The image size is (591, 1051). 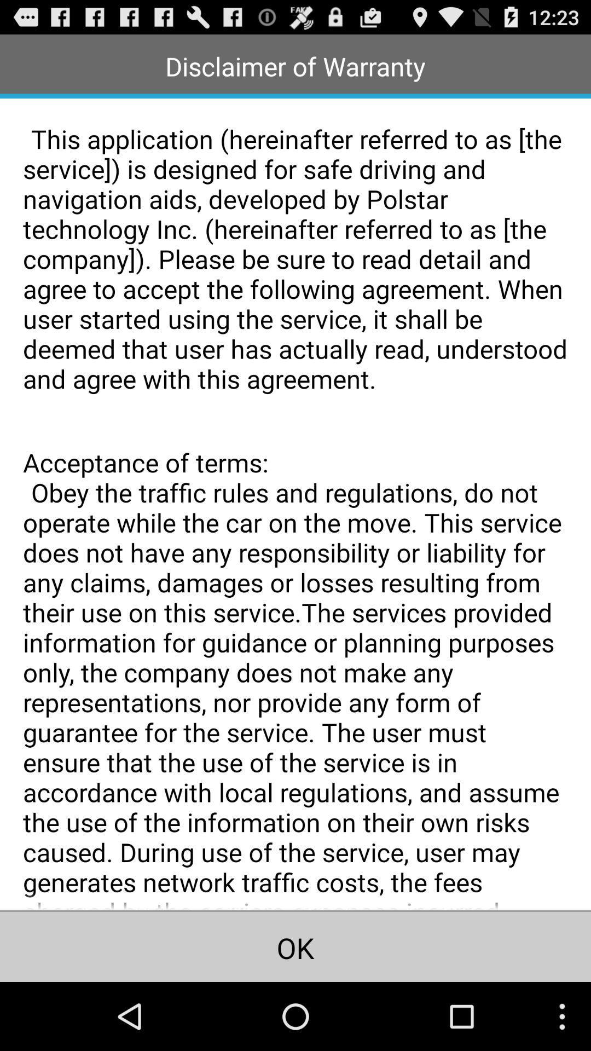 I want to click on ok, so click(x=296, y=946).